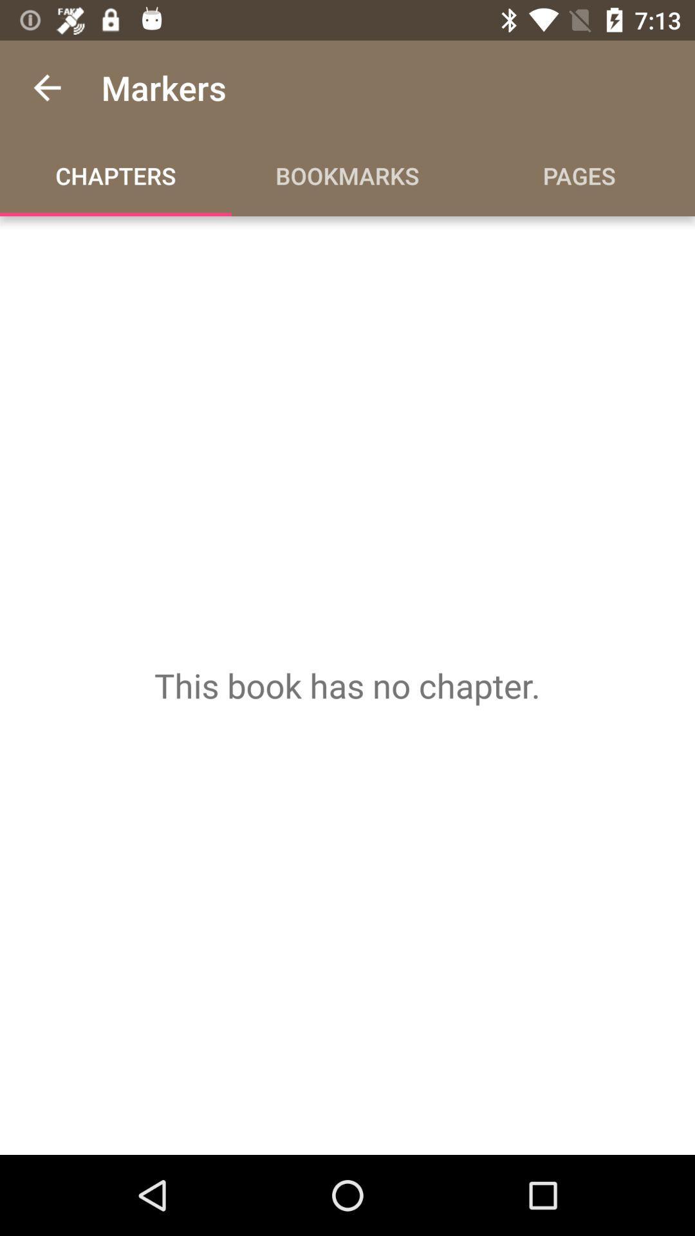 This screenshot has height=1236, width=695. I want to click on the icon next to the markers, so click(46, 87).